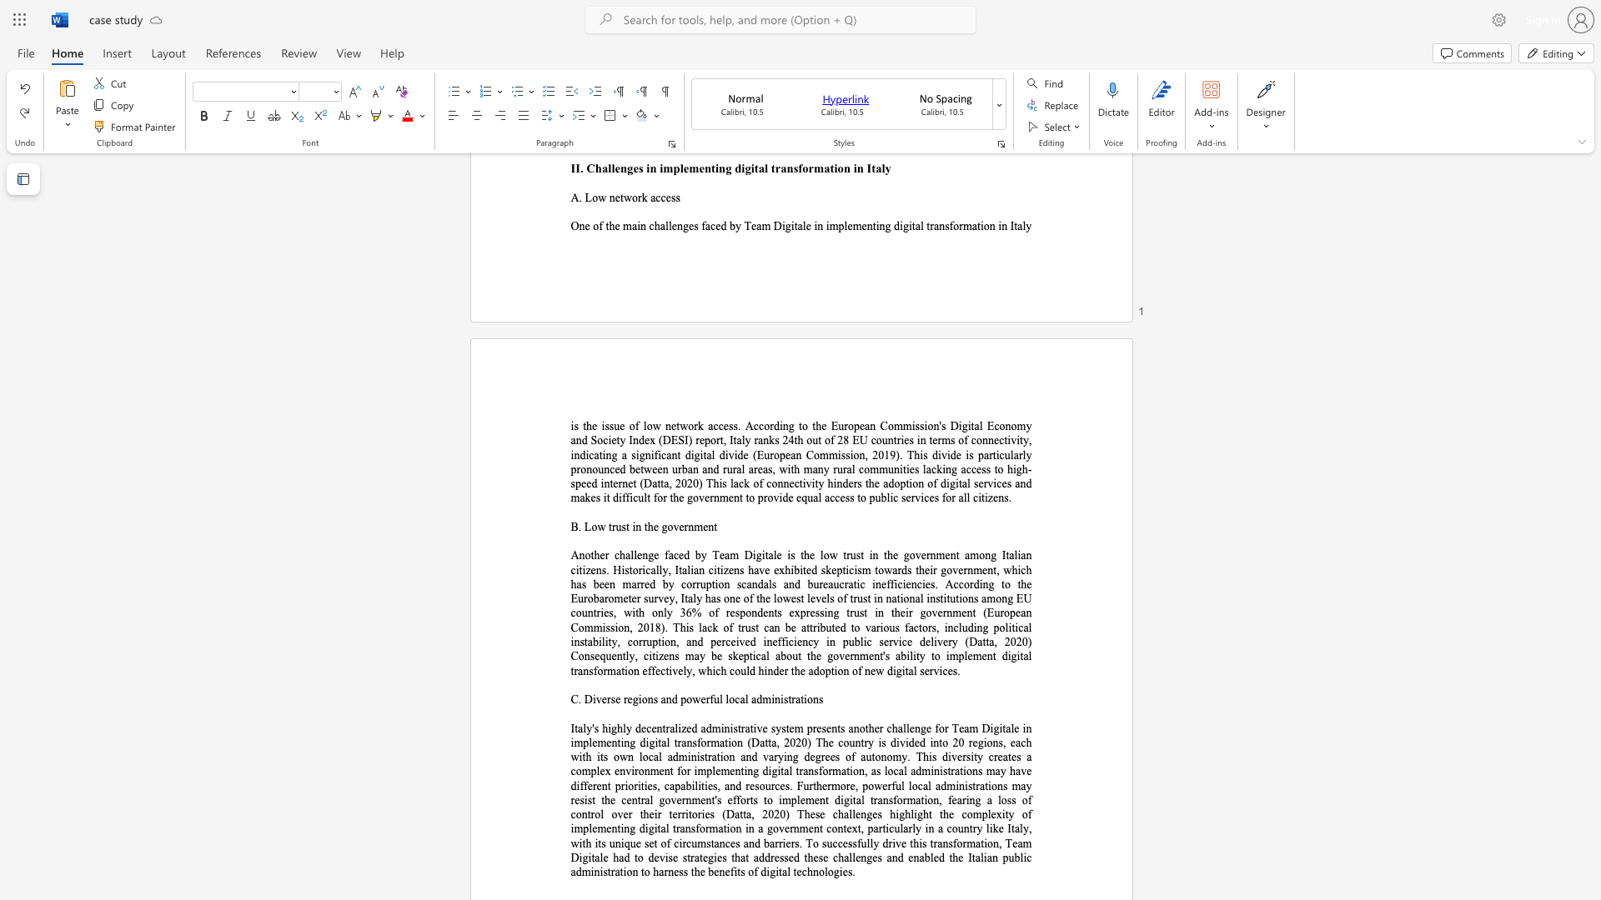  What do you see at coordinates (680, 771) in the screenshot?
I see `the subset text "or implementing digital transformation, as local administrations may have di" within the text "Italy"` at bounding box center [680, 771].